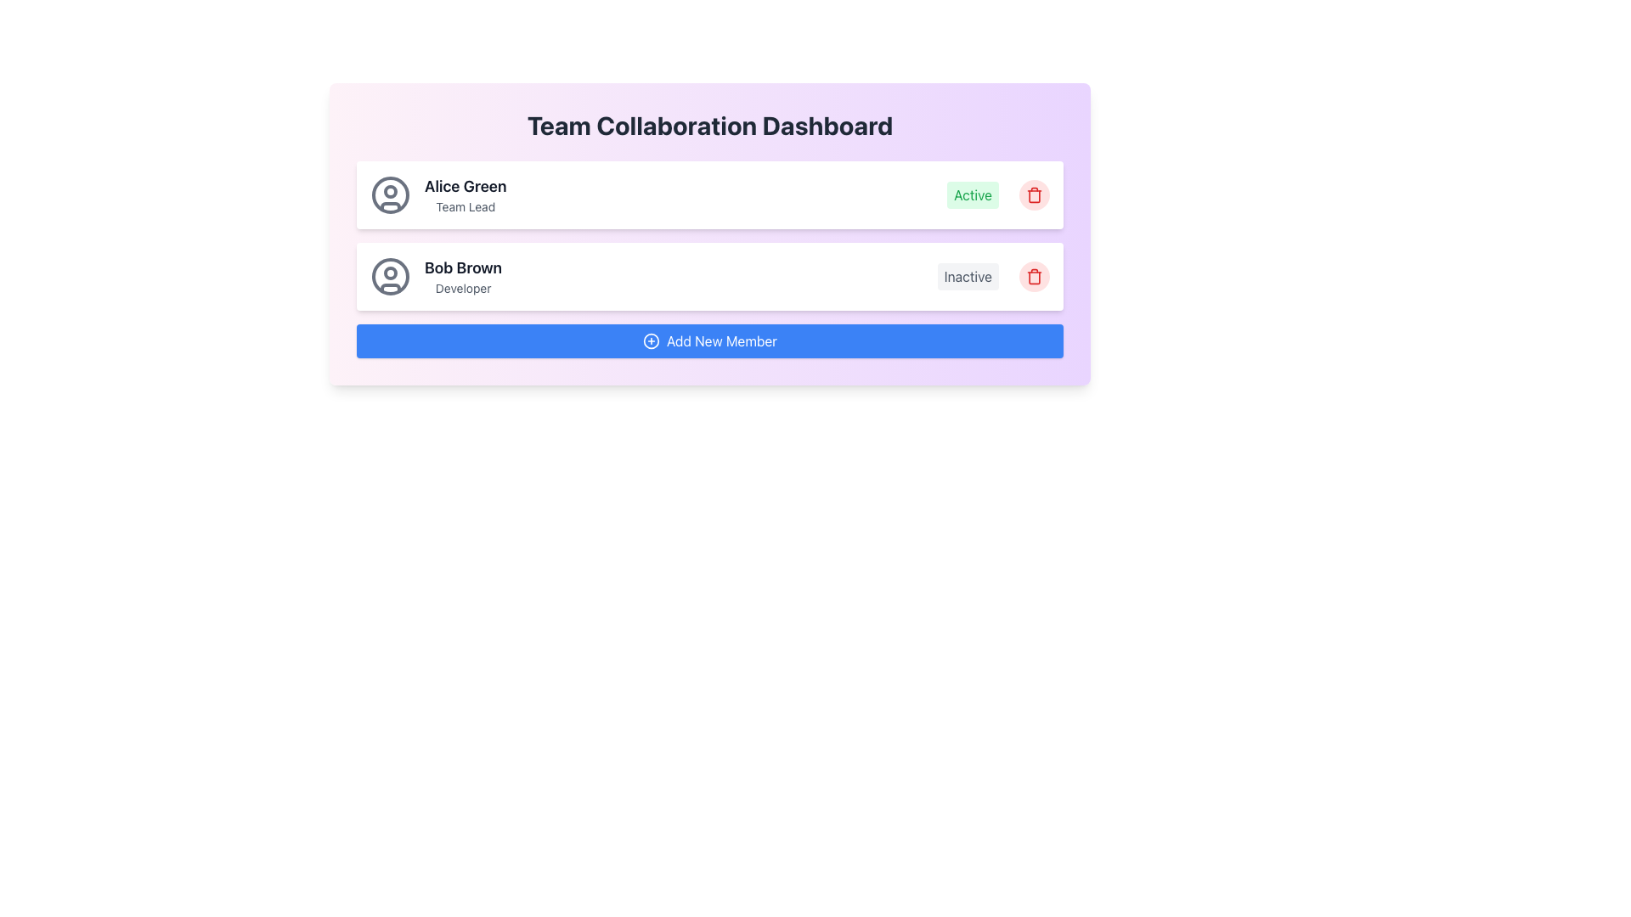 The width and height of the screenshot is (1631, 917). What do you see at coordinates (390, 276) in the screenshot?
I see `the circular user icon located in the second row (Bob Brown - Developer) of the list, which has a gray outline and a stylized figure inside` at bounding box center [390, 276].